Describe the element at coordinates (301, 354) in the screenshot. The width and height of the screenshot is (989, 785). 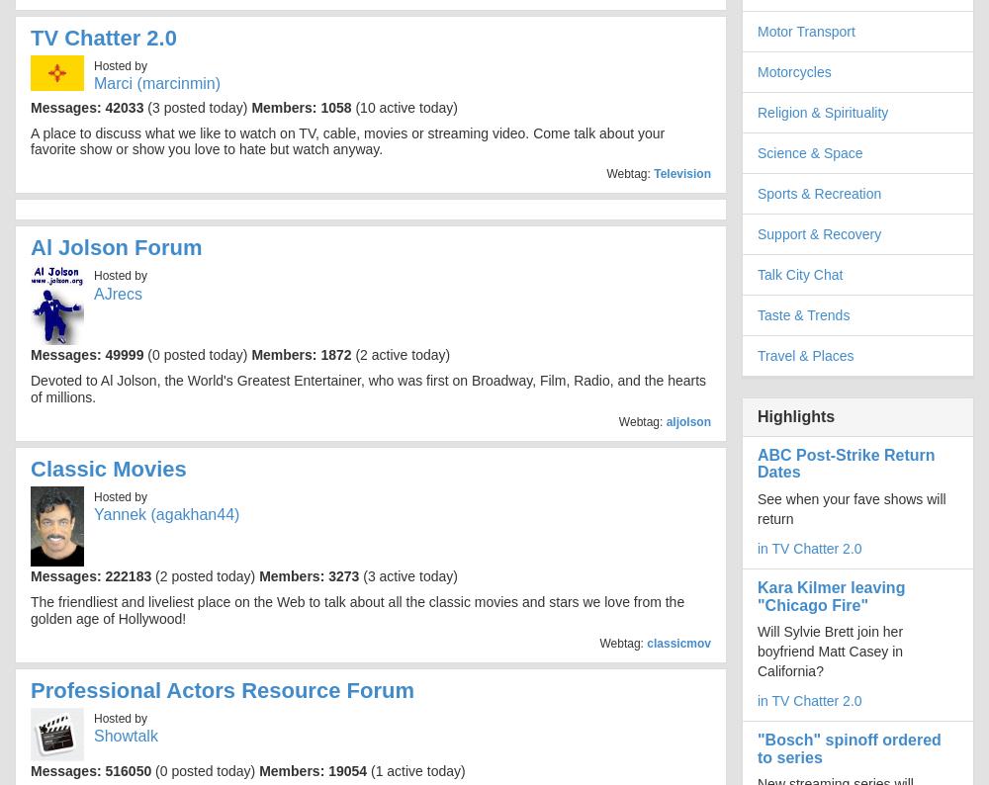
I see `'Members: 1872'` at that location.